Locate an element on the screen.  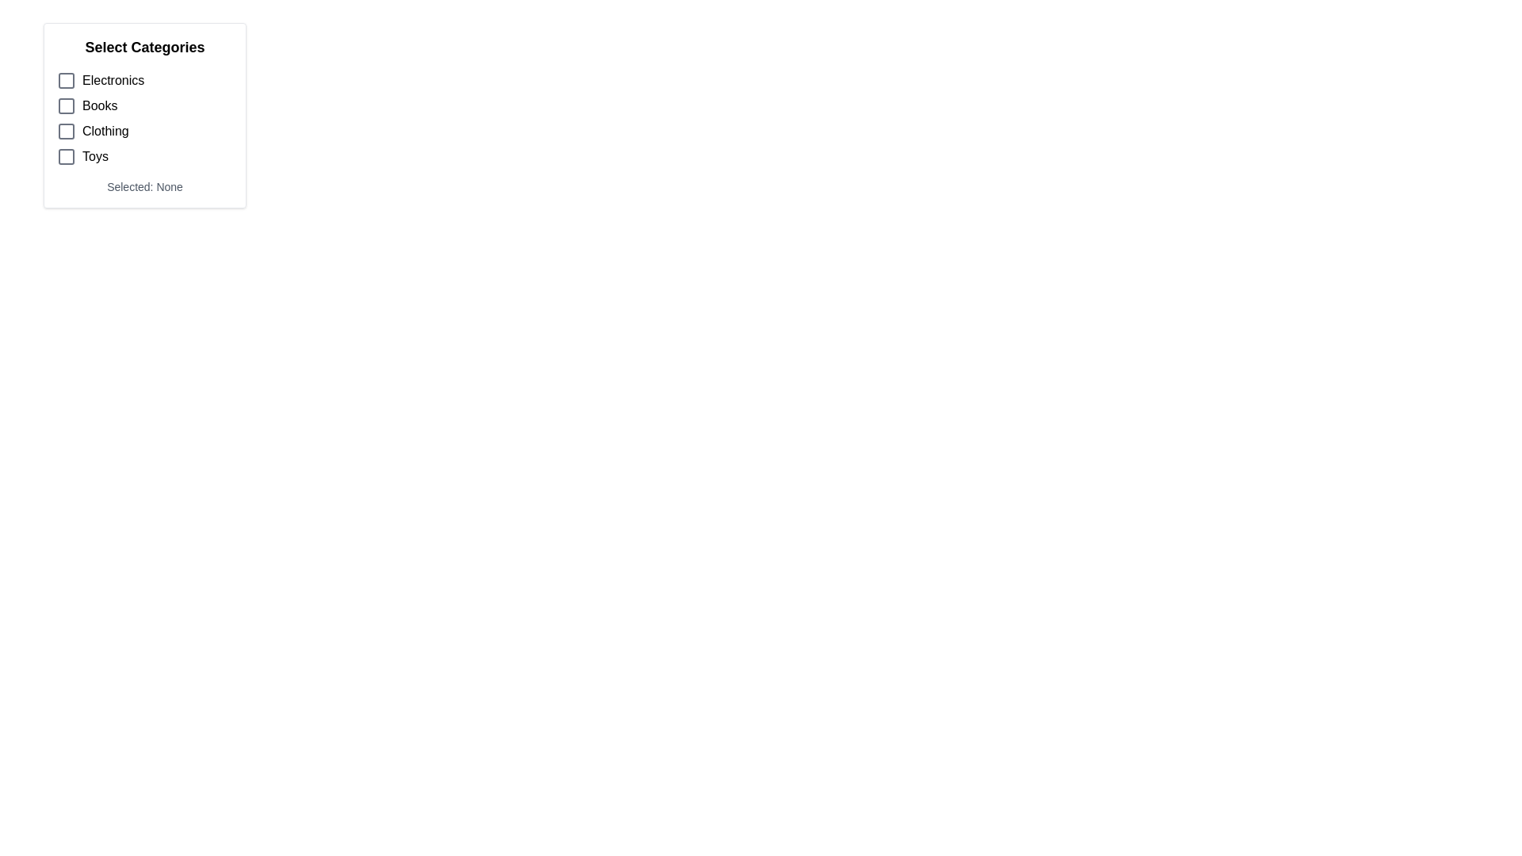
the checkbox for the 'Clothing' category, which is the third item in the selectable list located in the top-left part of the interface is located at coordinates (144, 130).